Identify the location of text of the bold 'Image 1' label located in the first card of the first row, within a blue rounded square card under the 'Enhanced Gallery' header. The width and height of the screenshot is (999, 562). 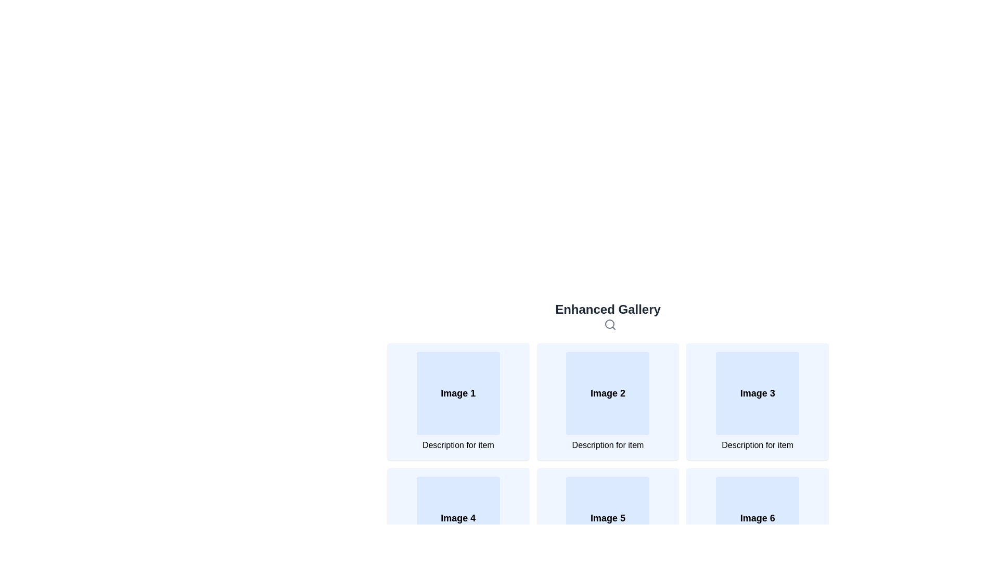
(458, 393).